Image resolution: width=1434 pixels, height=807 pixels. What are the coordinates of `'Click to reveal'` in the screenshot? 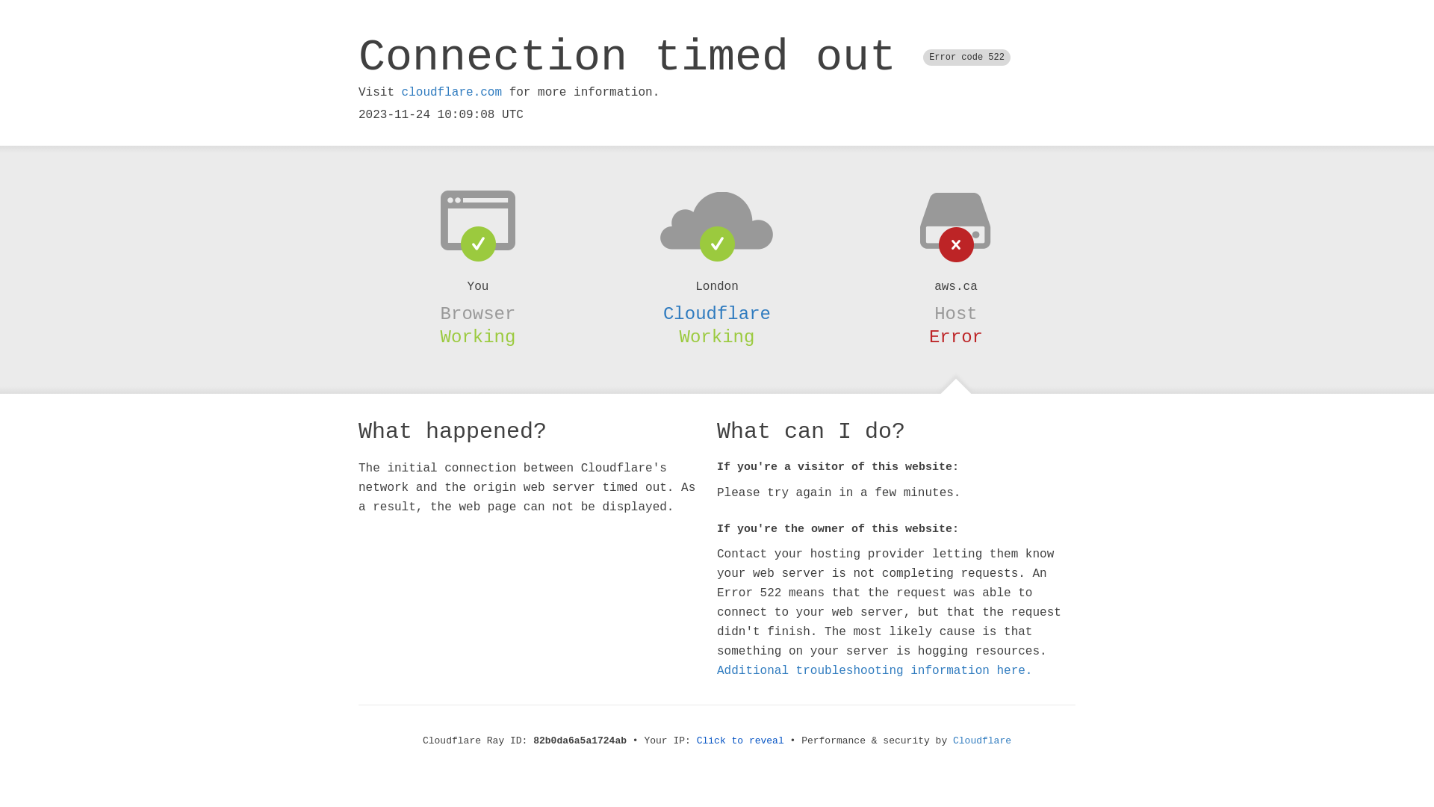 It's located at (740, 740).